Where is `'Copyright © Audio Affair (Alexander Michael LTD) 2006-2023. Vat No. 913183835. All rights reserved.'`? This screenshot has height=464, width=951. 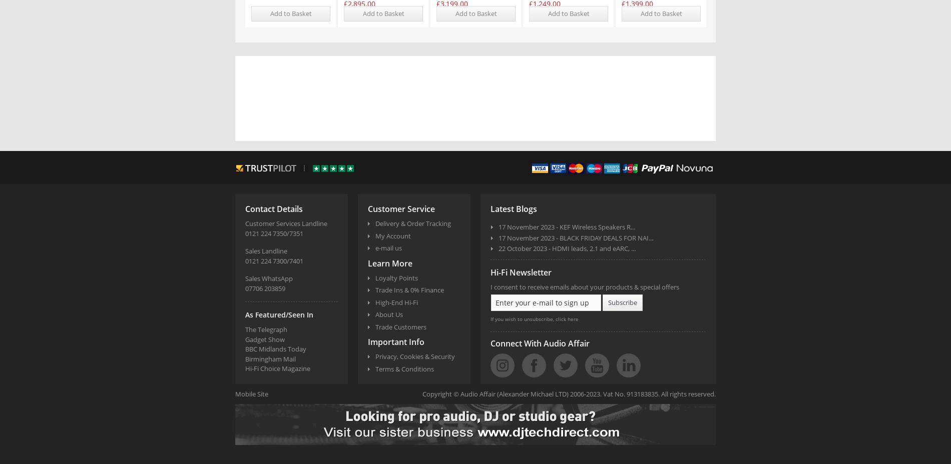 'Copyright © Audio Affair (Alexander Michael LTD) 2006-2023. Vat No. 913183835. All rights reserved.' is located at coordinates (569, 393).